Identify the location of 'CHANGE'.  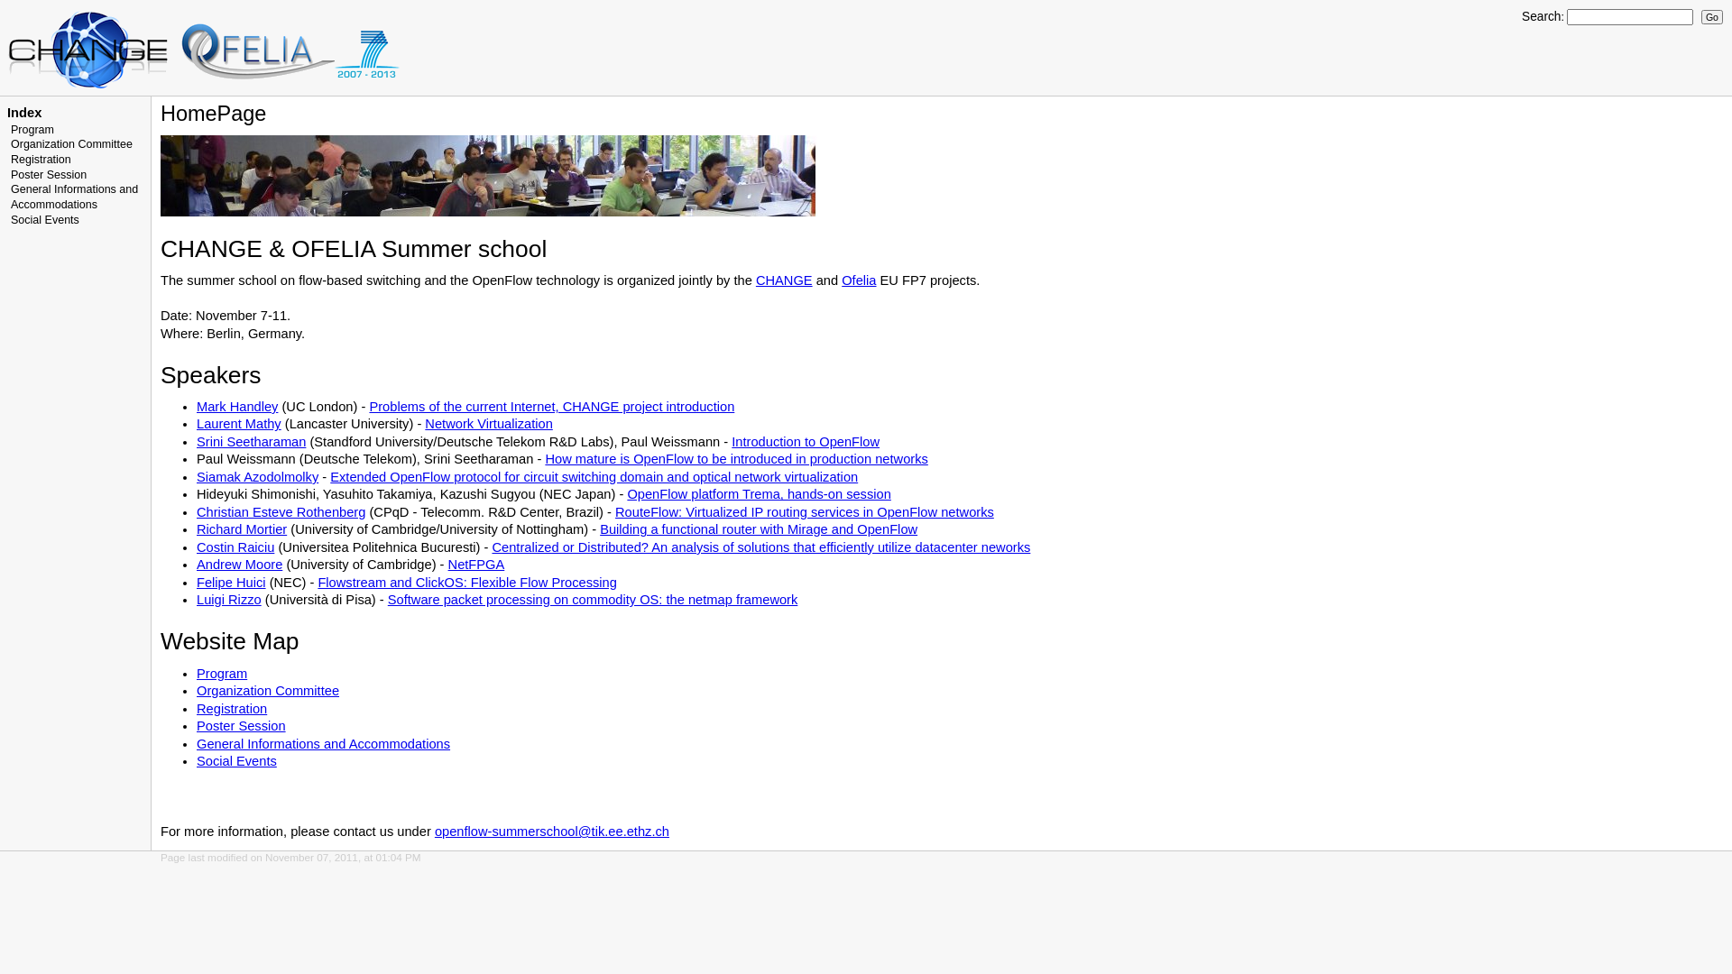
(784, 280).